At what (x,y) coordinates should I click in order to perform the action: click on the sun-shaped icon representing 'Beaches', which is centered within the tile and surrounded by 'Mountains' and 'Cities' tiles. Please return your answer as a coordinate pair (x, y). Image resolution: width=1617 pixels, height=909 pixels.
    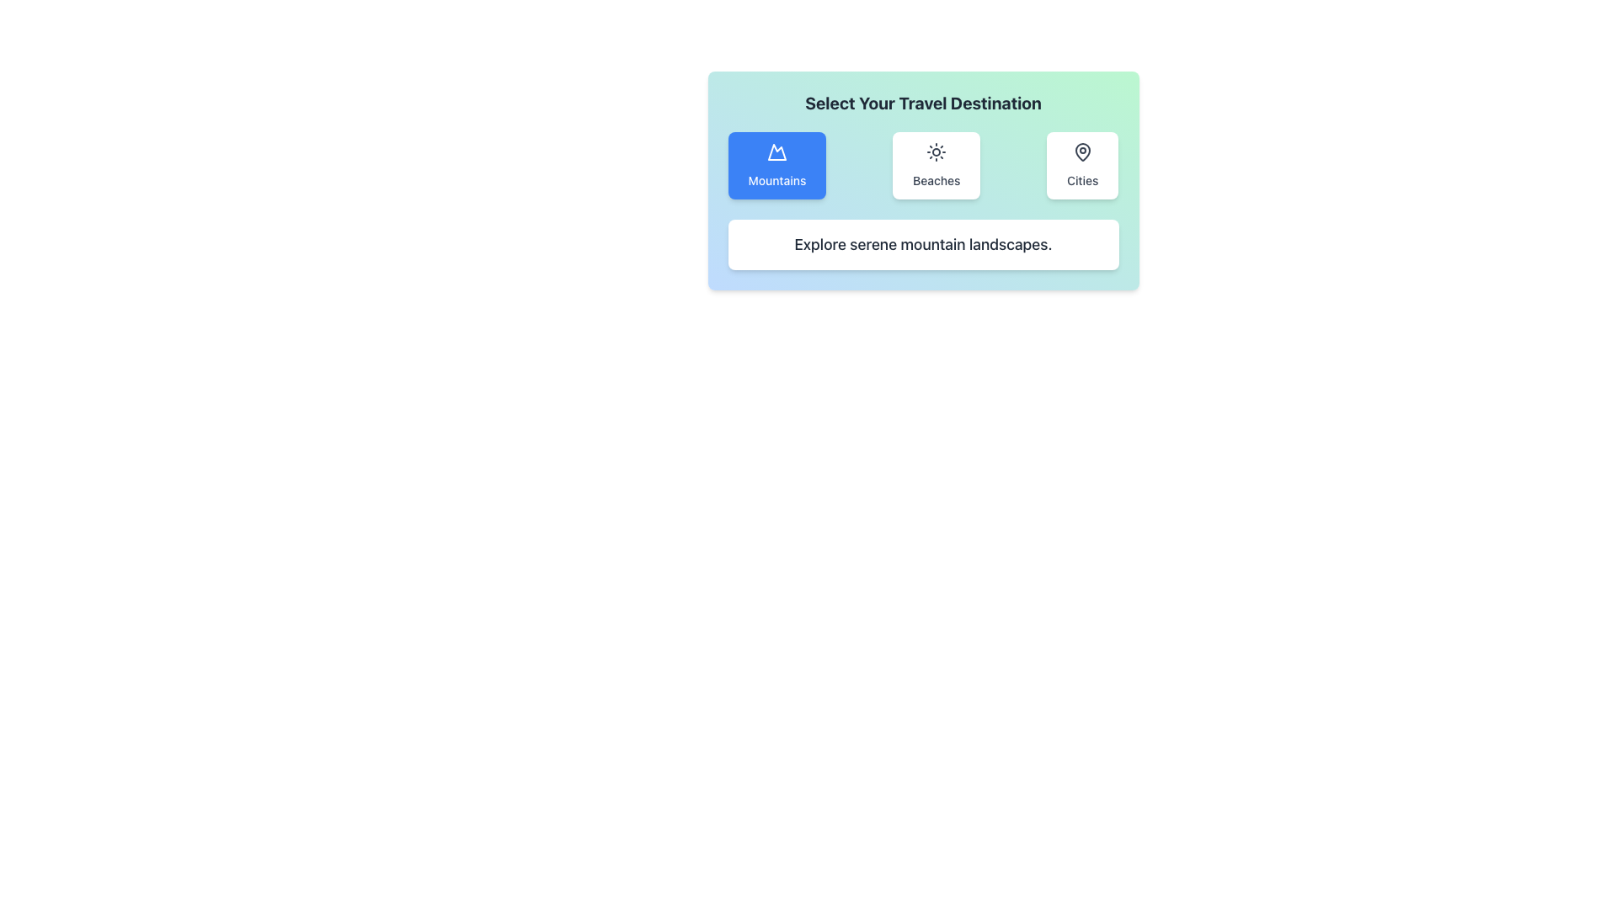
    Looking at the image, I should click on (936, 152).